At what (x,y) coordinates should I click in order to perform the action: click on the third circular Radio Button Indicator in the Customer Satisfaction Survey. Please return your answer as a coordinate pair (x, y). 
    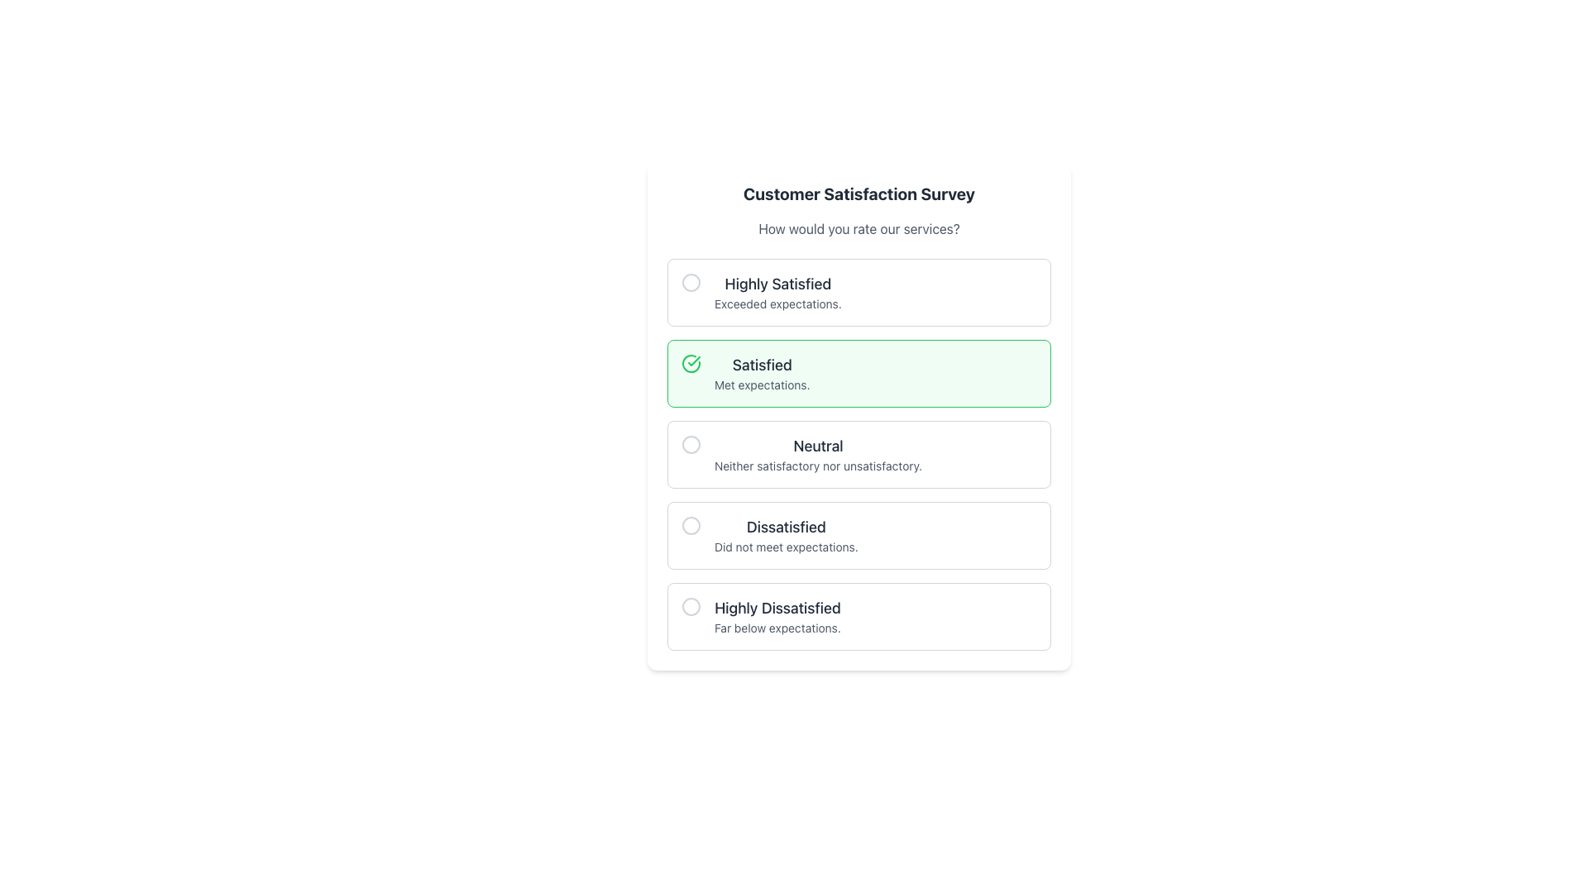
    Looking at the image, I should click on (691, 443).